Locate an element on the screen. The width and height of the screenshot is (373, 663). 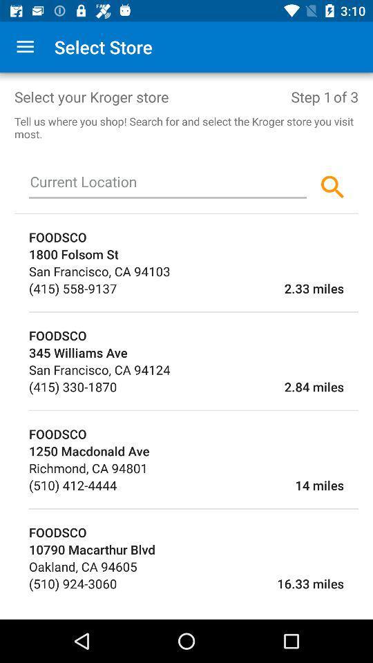
the 1800 folsom st is located at coordinates (193, 253).